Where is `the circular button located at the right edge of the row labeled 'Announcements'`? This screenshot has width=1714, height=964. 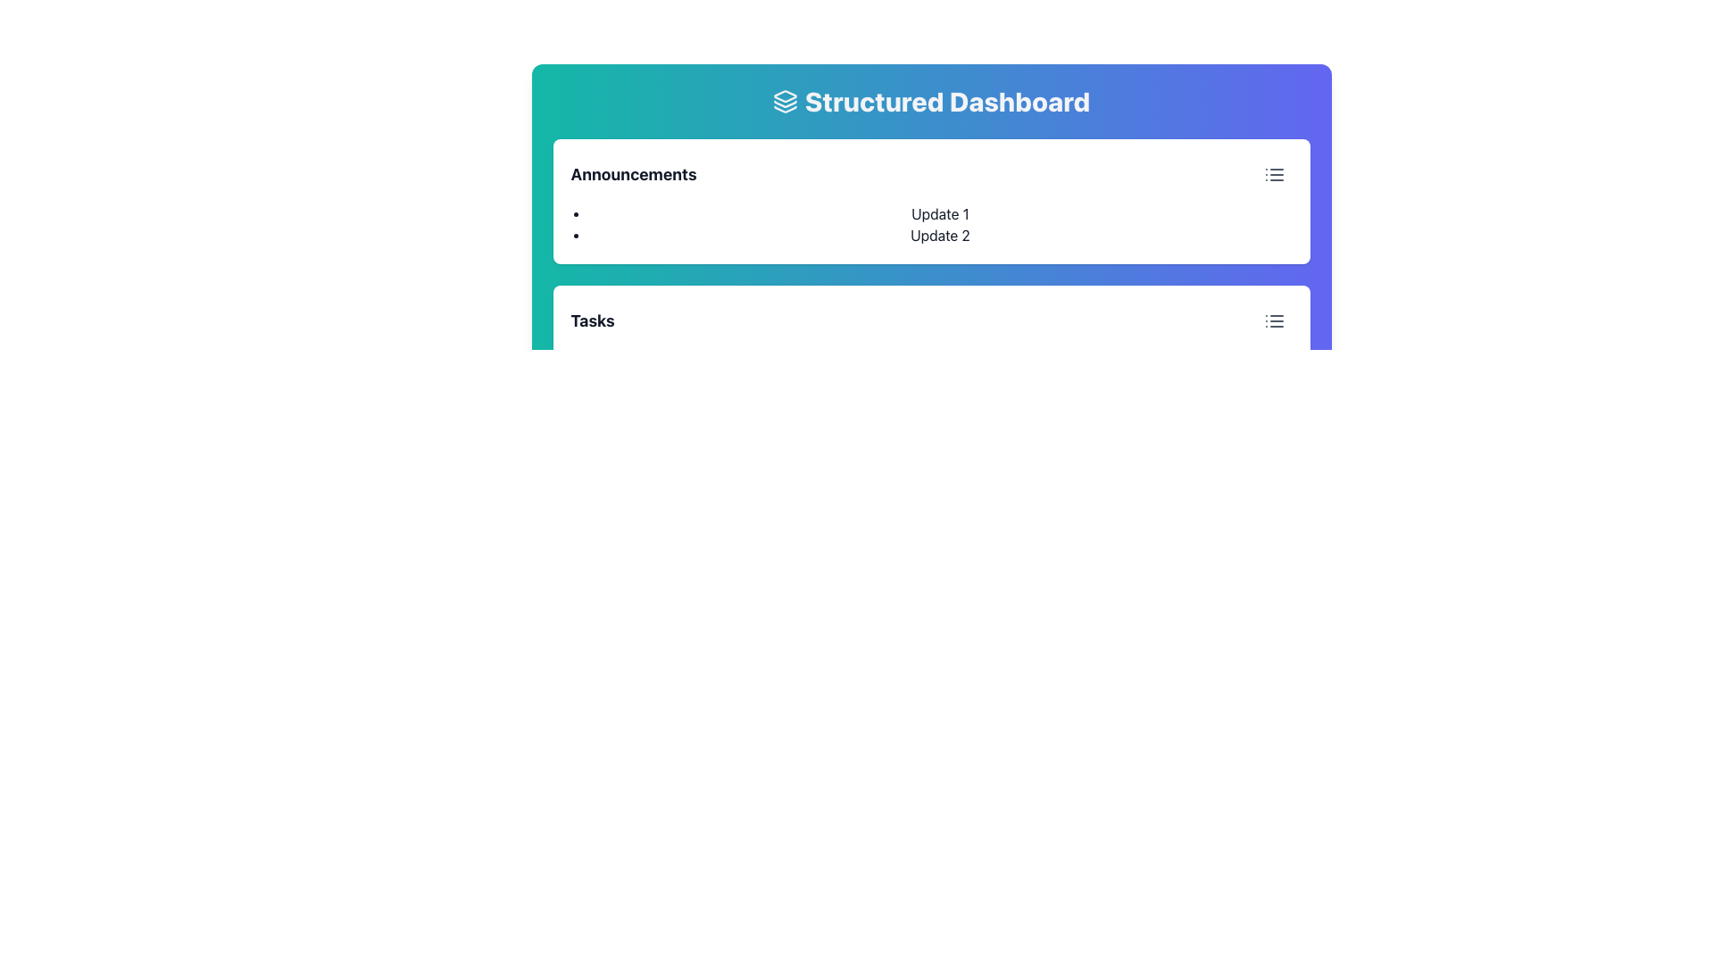
the circular button located at the right edge of the row labeled 'Announcements' is located at coordinates (1273, 175).